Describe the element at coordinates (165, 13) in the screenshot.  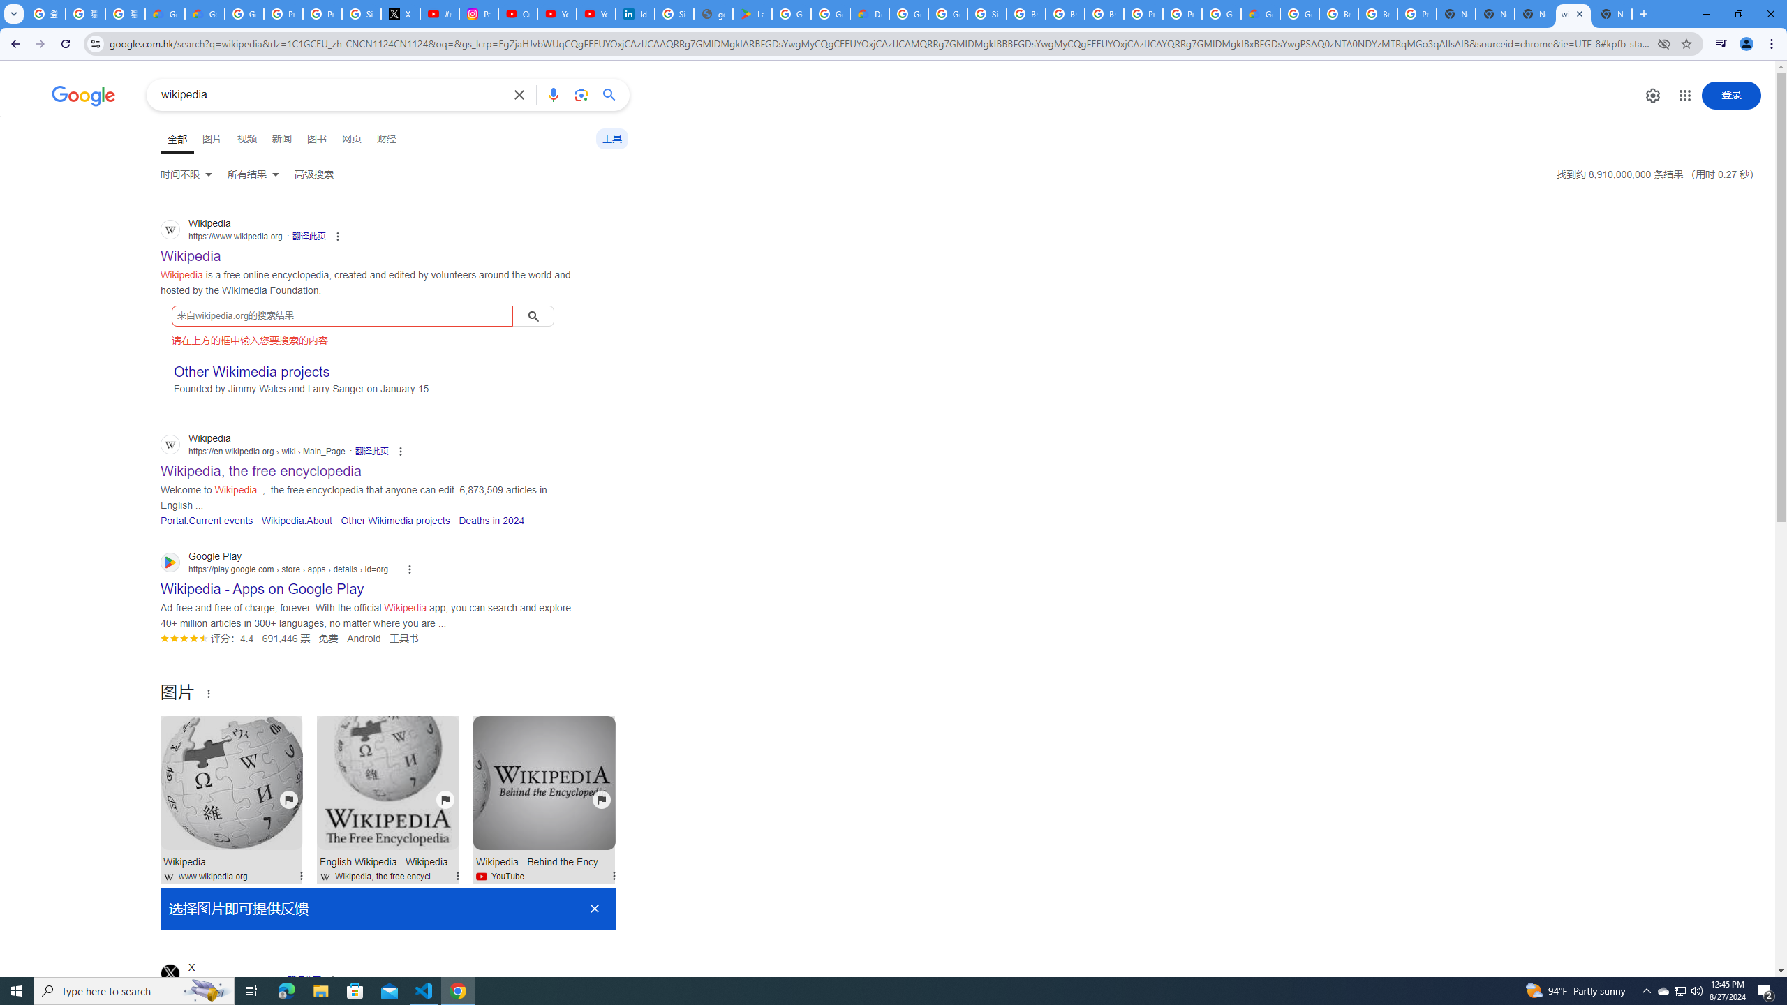
I see `'Google Cloud Privacy Notice'` at that location.